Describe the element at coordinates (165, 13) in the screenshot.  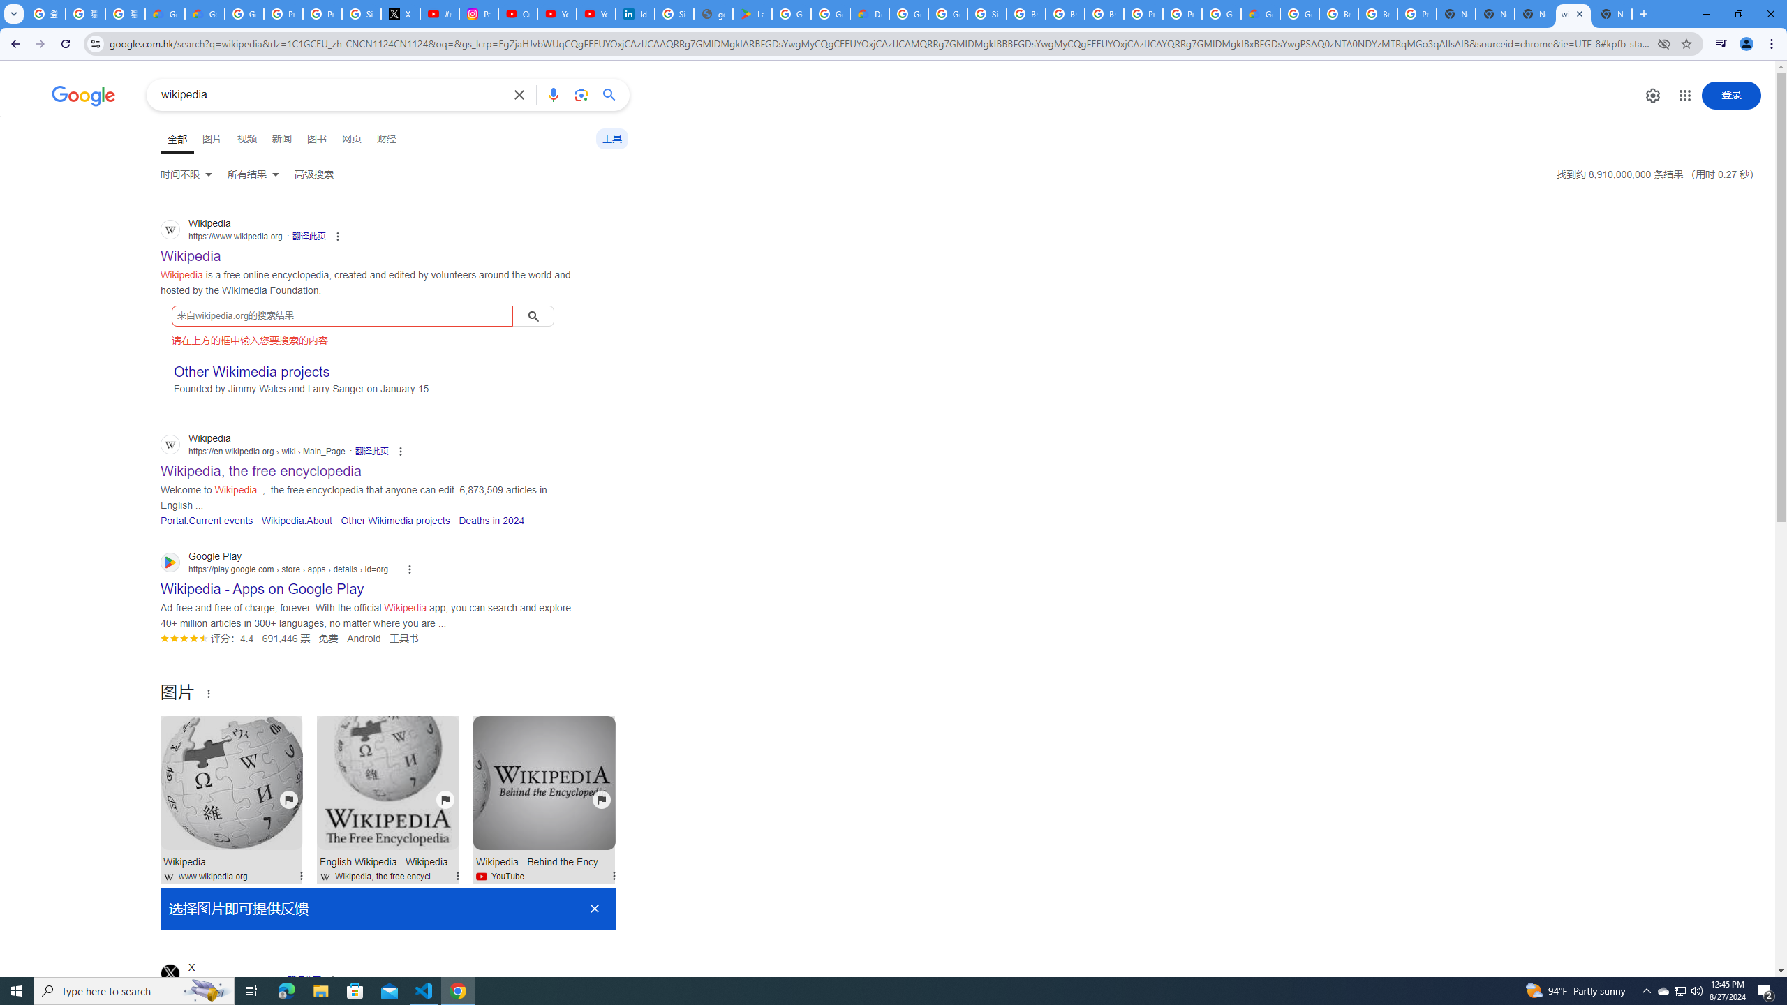
I see `'Google Cloud Privacy Notice'` at that location.